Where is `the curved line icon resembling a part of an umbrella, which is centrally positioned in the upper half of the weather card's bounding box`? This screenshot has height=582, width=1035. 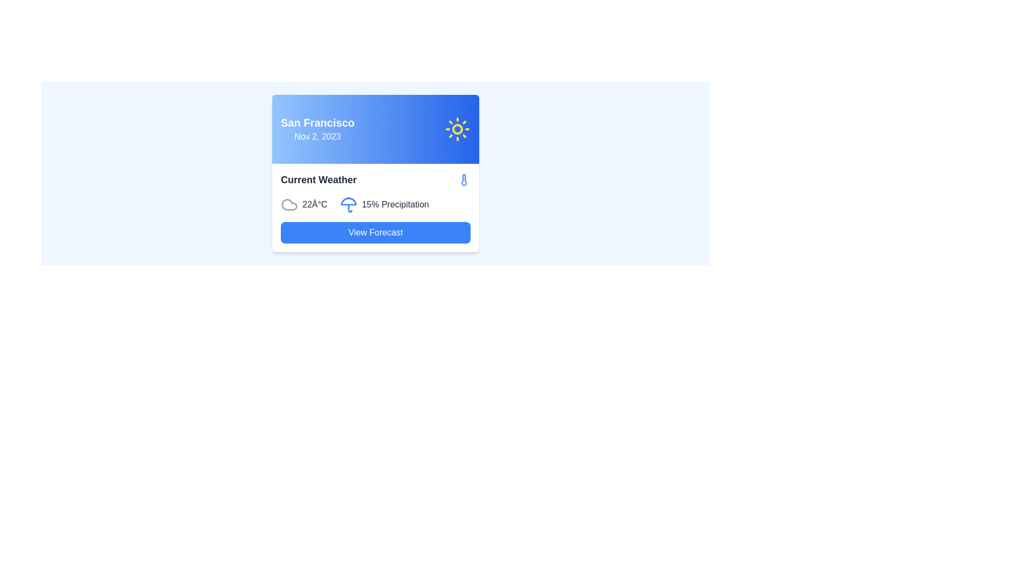 the curved line icon resembling a part of an umbrella, which is centrally positioned in the upper half of the weather card's bounding box is located at coordinates (349, 202).